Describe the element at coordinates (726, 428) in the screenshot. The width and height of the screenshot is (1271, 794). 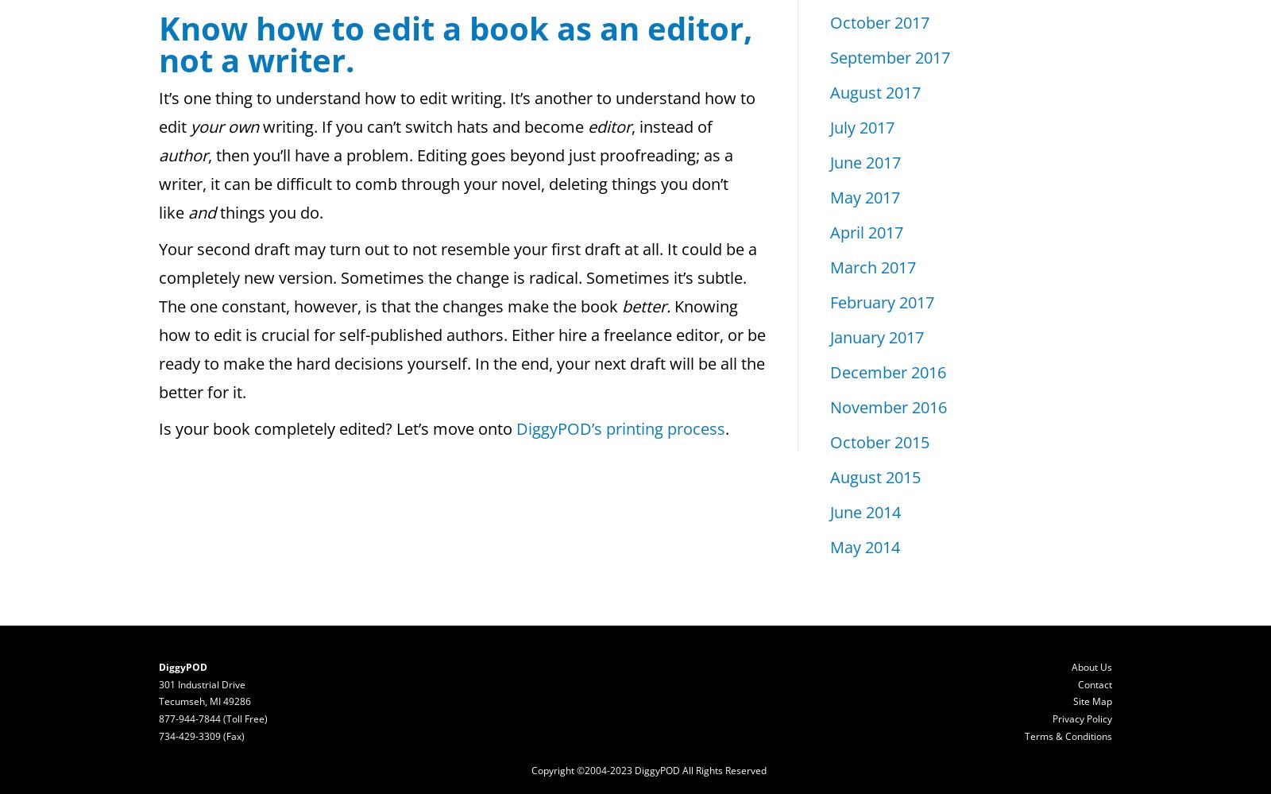
I see `'.'` at that location.